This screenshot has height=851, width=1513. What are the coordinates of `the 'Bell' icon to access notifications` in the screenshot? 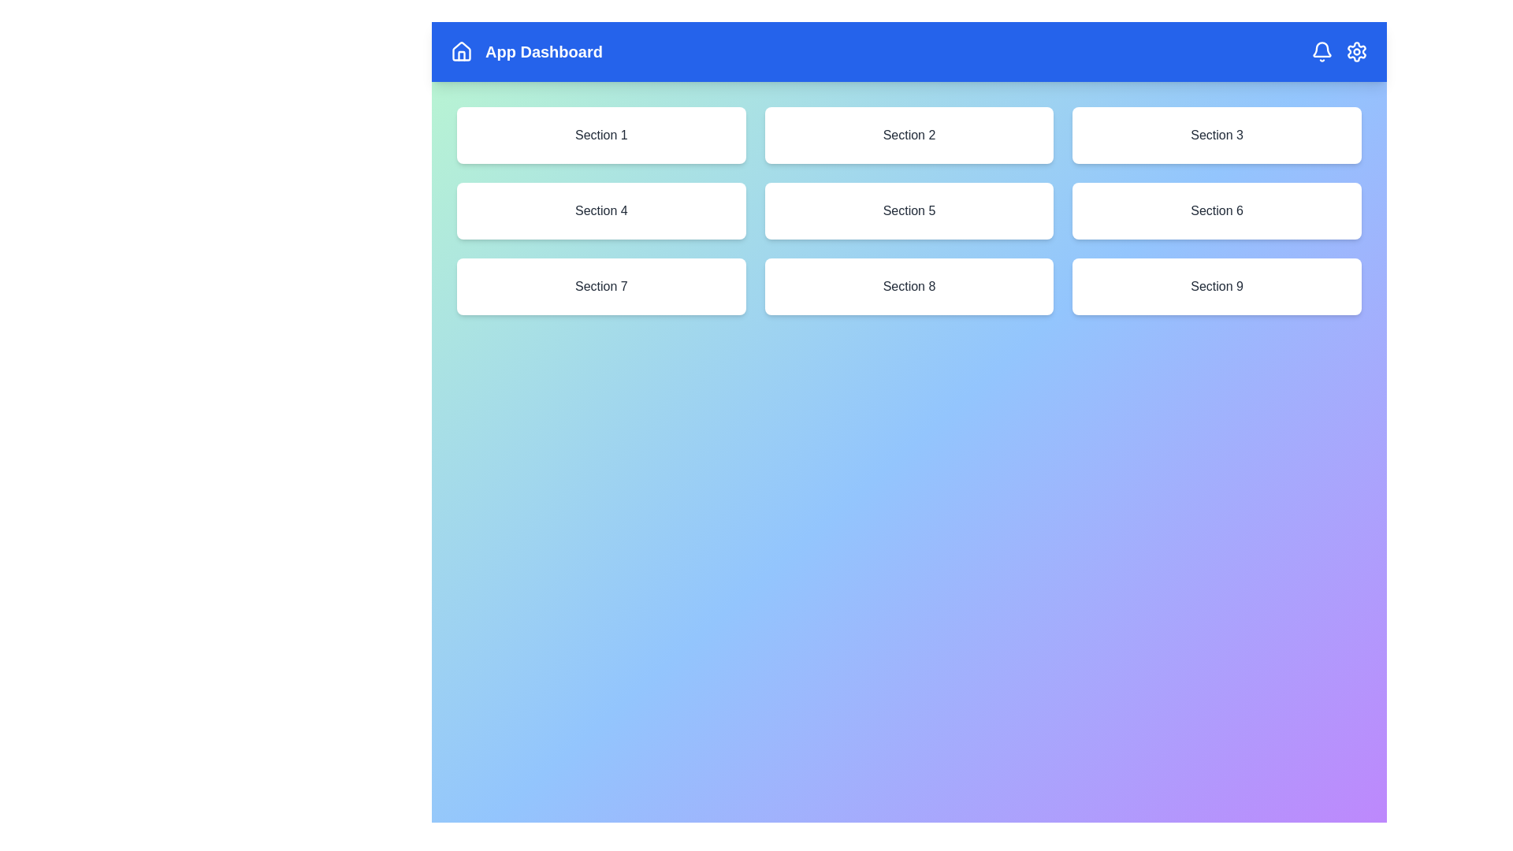 It's located at (1322, 50).